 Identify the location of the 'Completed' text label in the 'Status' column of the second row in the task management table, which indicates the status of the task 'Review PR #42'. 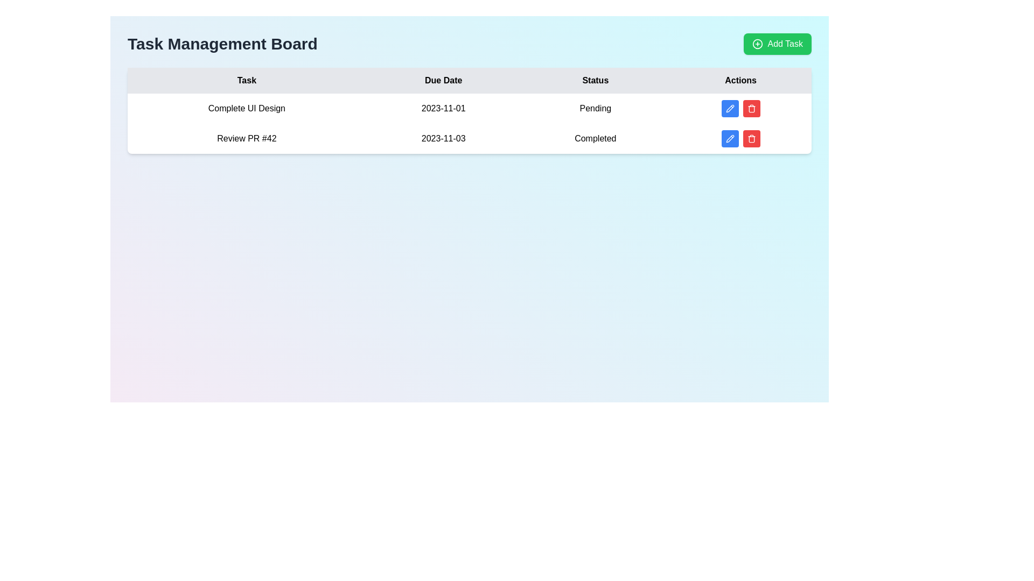
(595, 138).